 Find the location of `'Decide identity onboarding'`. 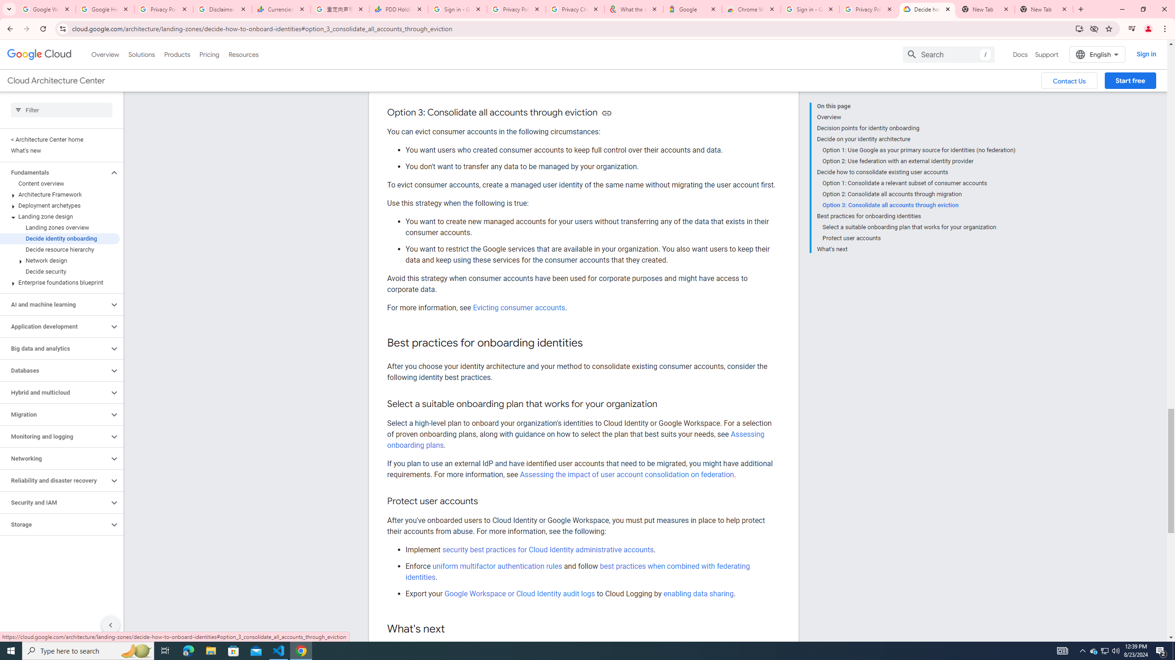

'Decide identity onboarding' is located at coordinates (60, 238).